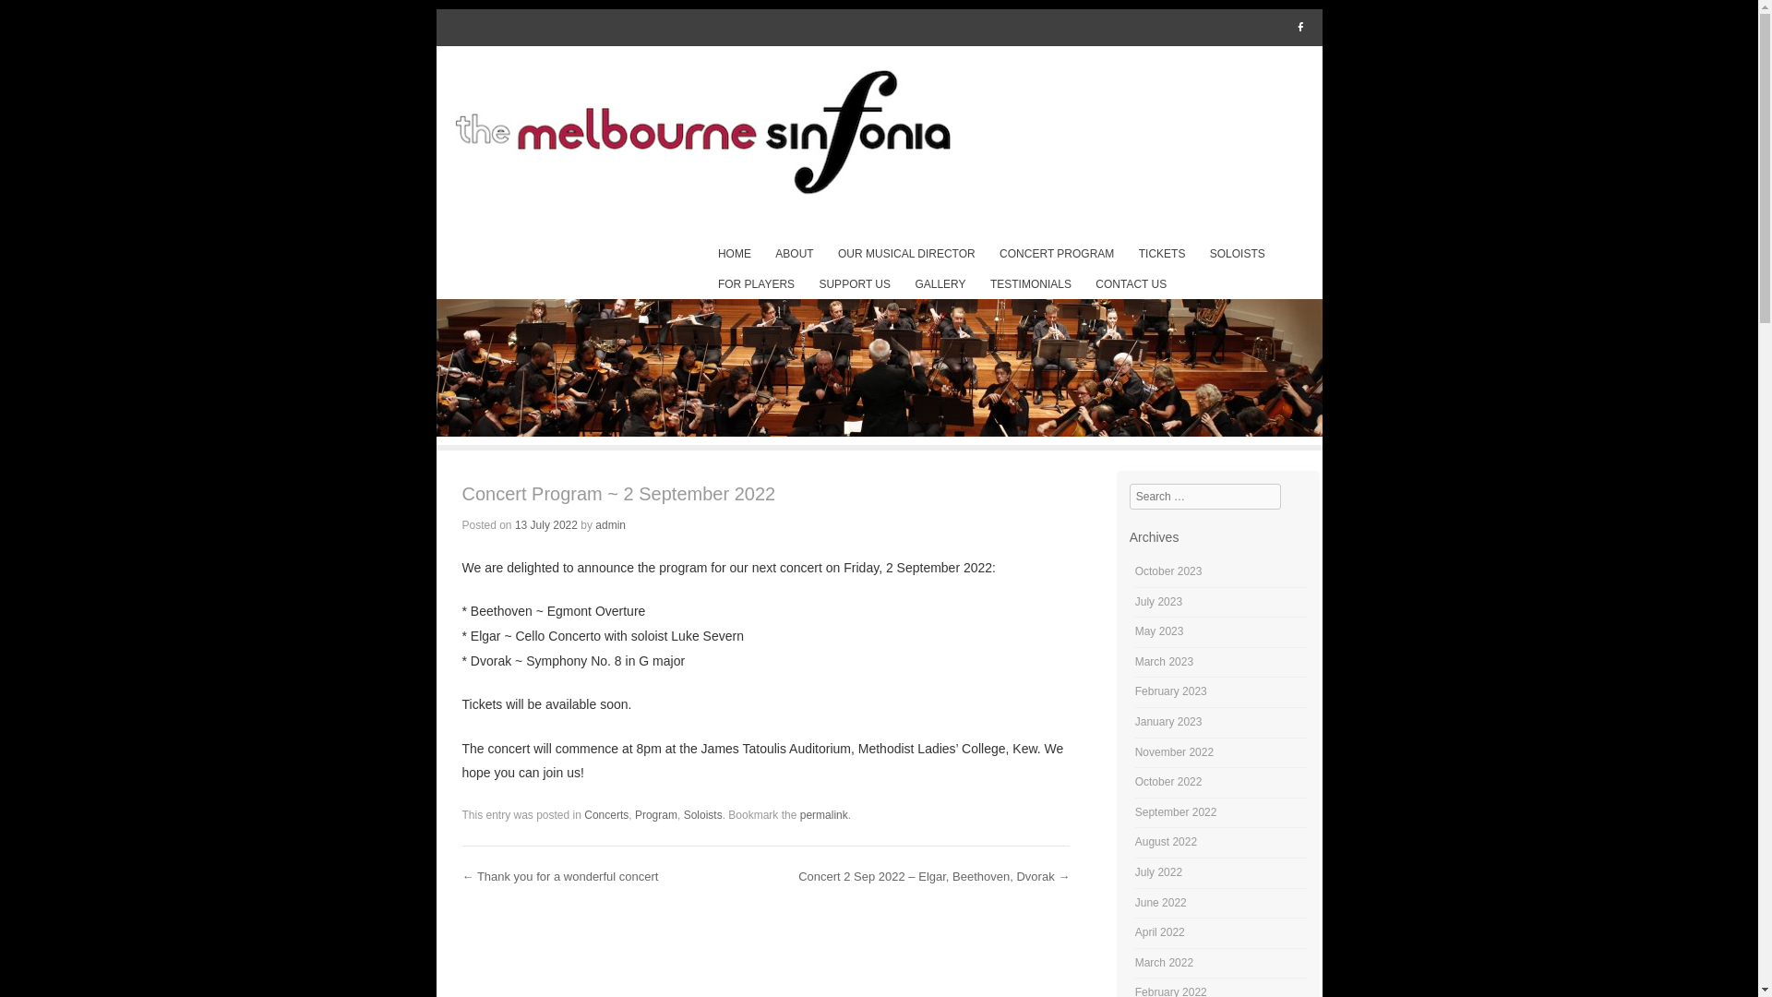 This screenshot has width=1772, height=997. What do you see at coordinates (1173, 751) in the screenshot?
I see `'November 2022'` at bounding box center [1173, 751].